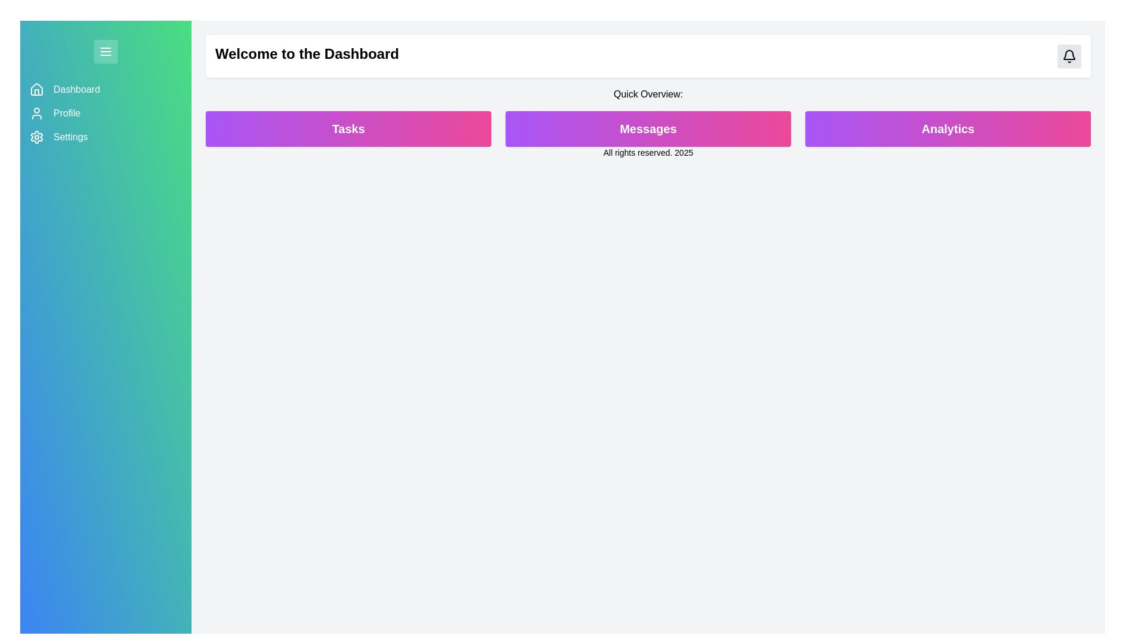  Describe the element at coordinates (105, 114) in the screenshot. I see `the 'Profile' menu item in the Sidebar` at that location.